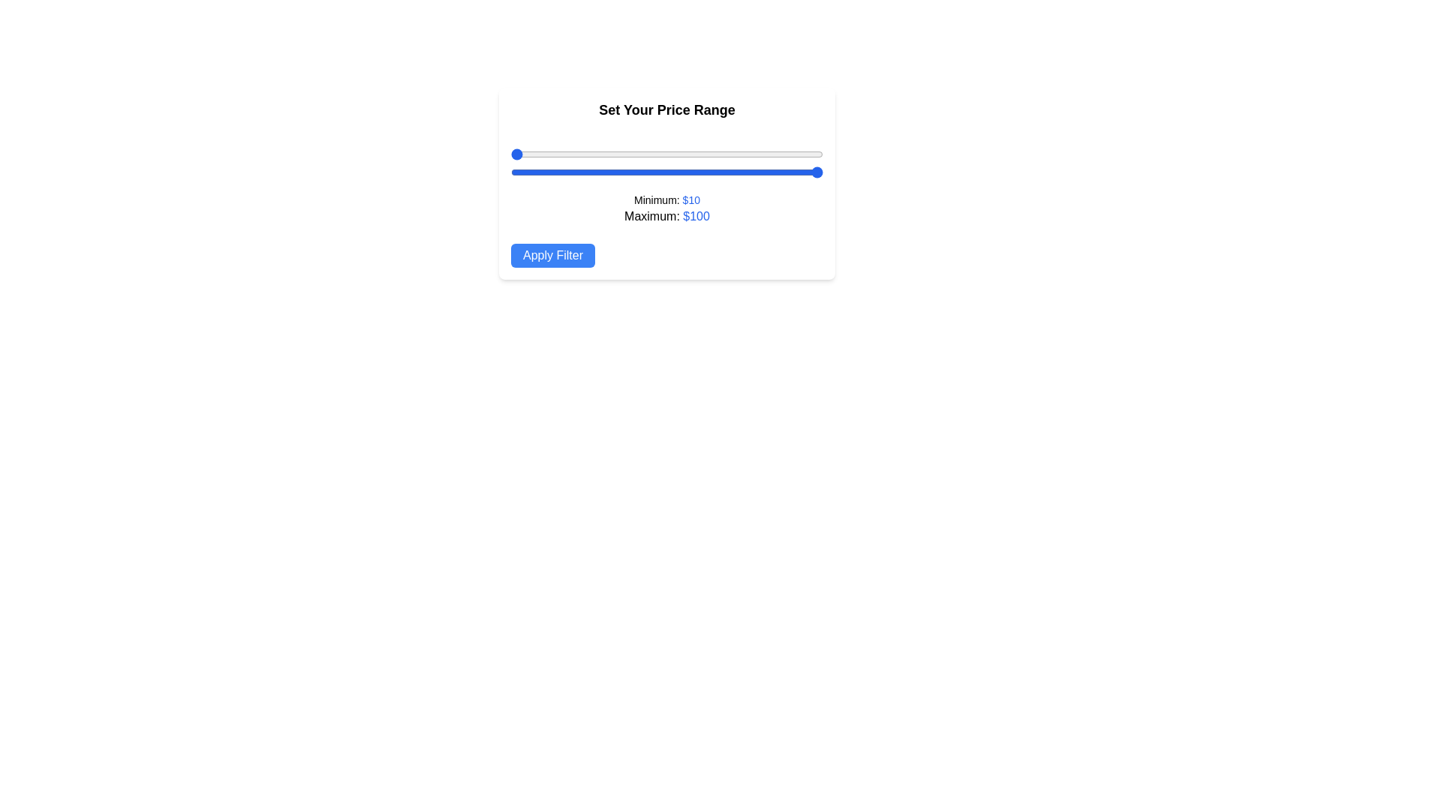  Describe the element at coordinates (618, 154) in the screenshot. I see `the slider position` at that location.